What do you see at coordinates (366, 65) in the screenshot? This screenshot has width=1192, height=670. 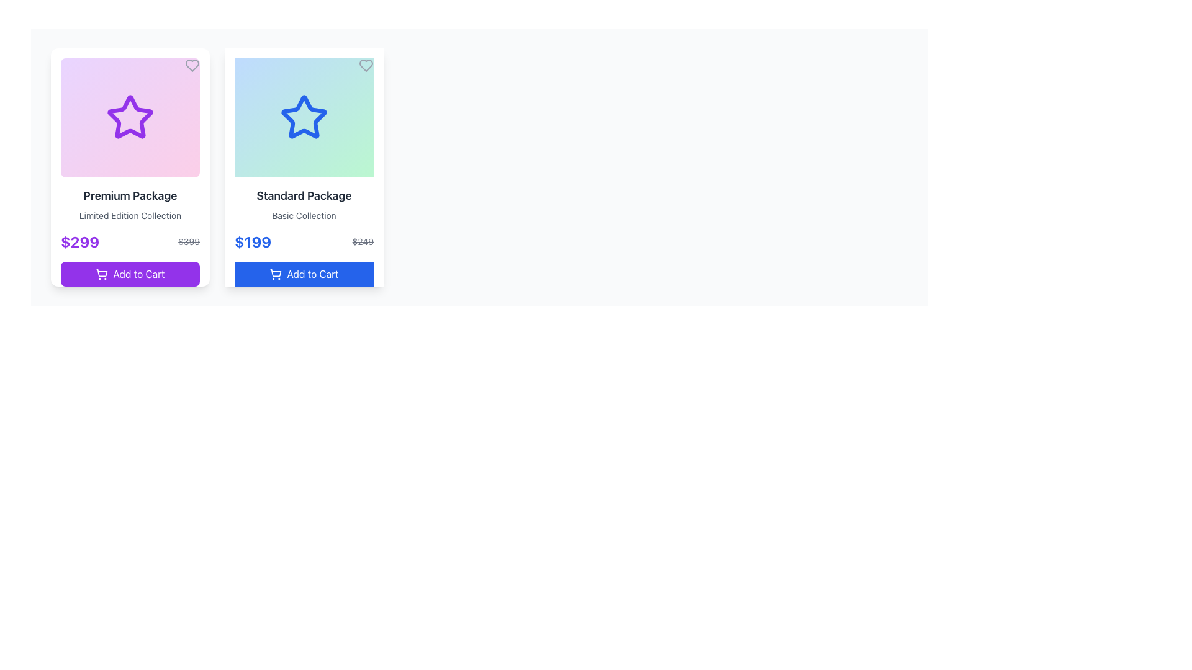 I see `the heart icon located at the top-right of the 'Standard Package' product details box` at bounding box center [366, 65].